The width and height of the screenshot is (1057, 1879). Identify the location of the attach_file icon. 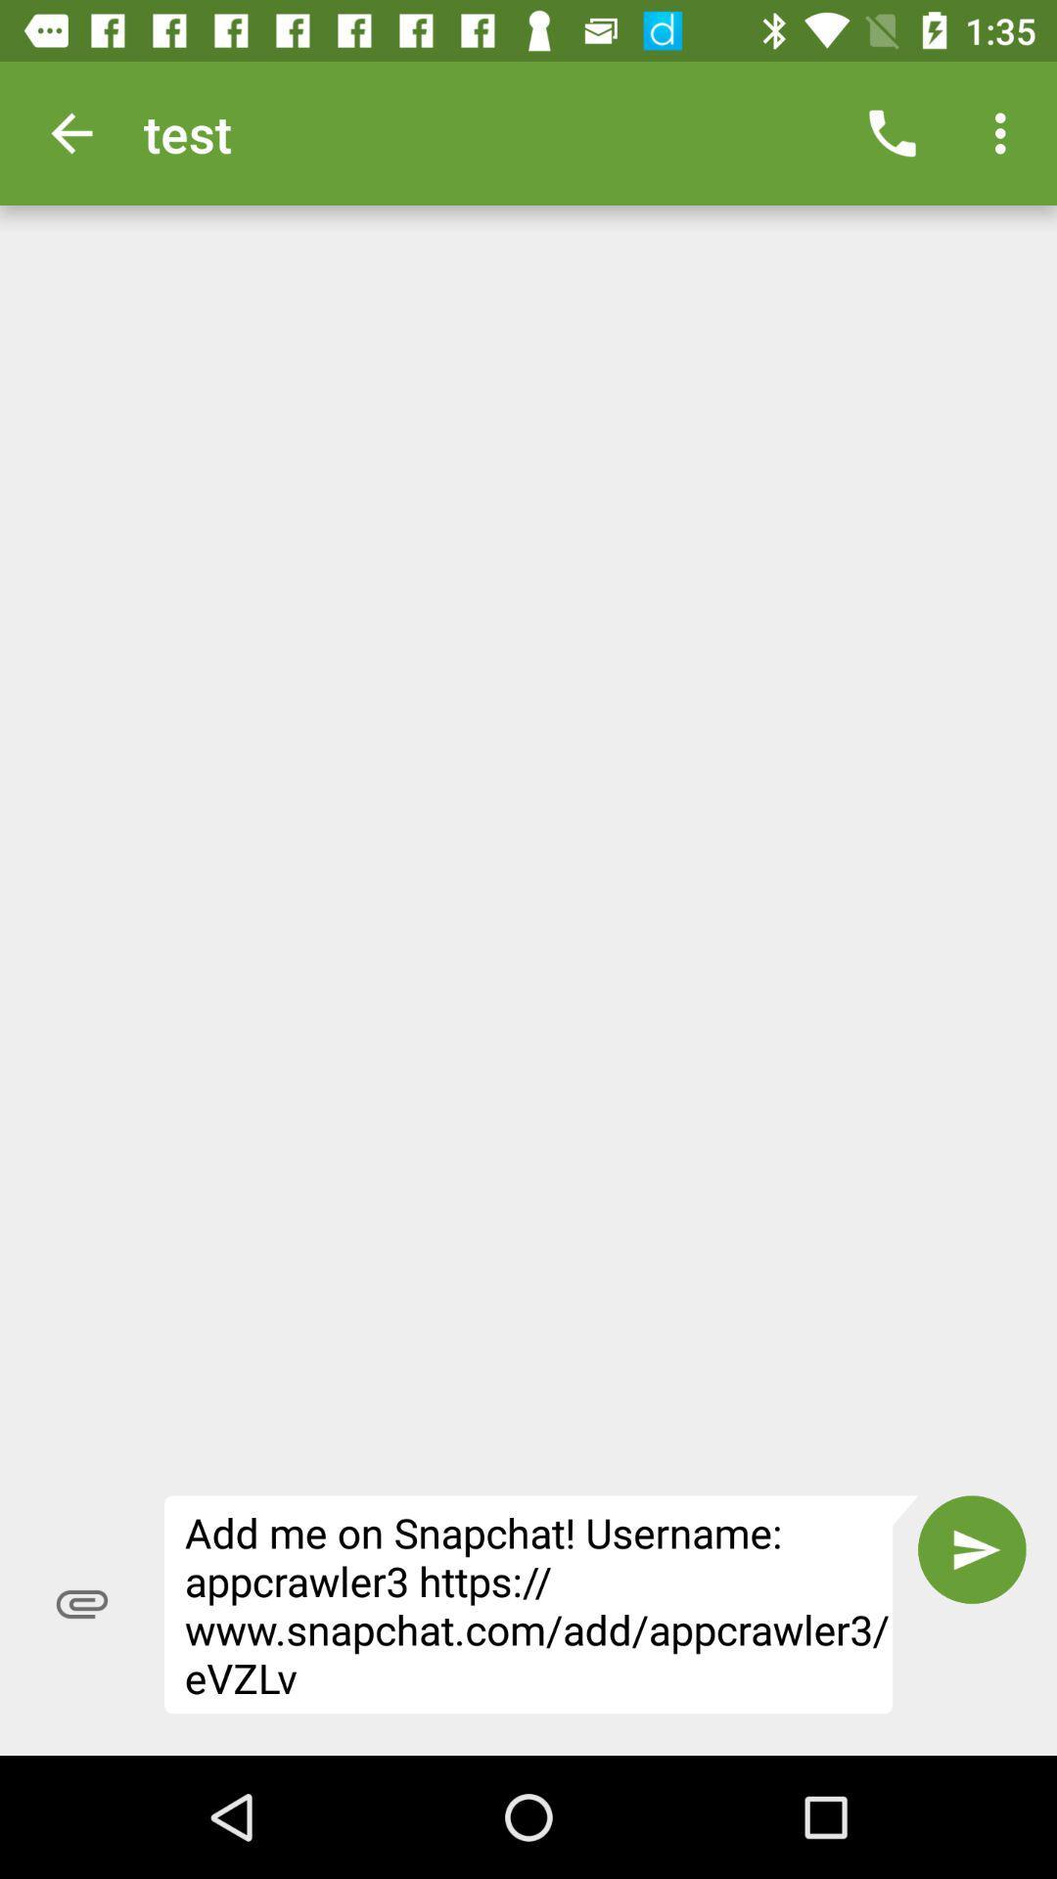
(81, 1604).